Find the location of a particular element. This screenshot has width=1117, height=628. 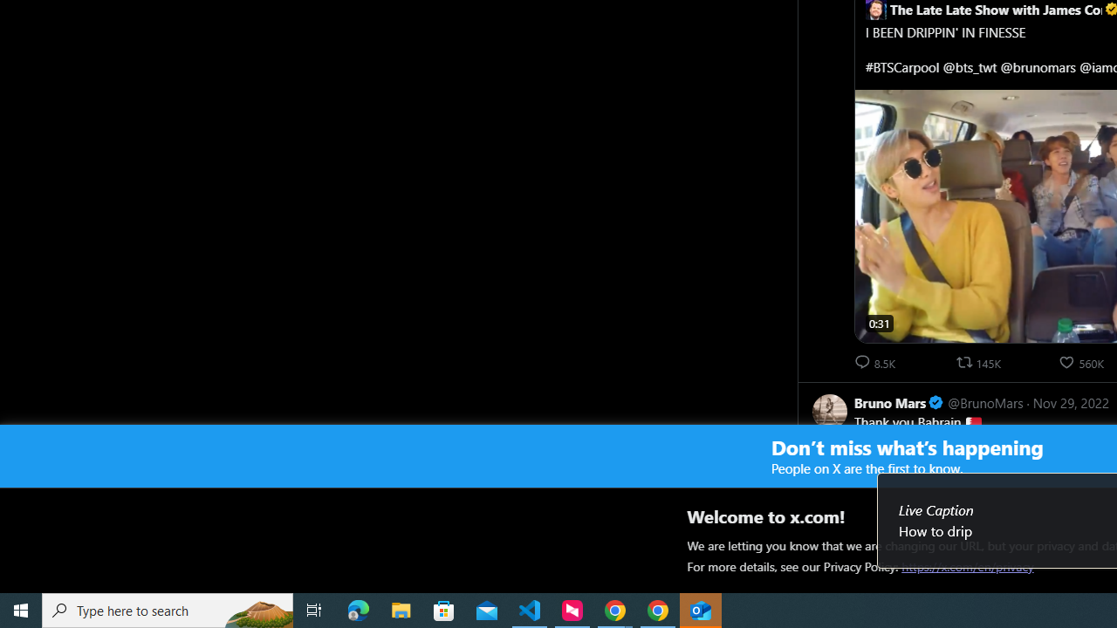

'145681 reposts. Repost' is located at coordinates (980, 361).